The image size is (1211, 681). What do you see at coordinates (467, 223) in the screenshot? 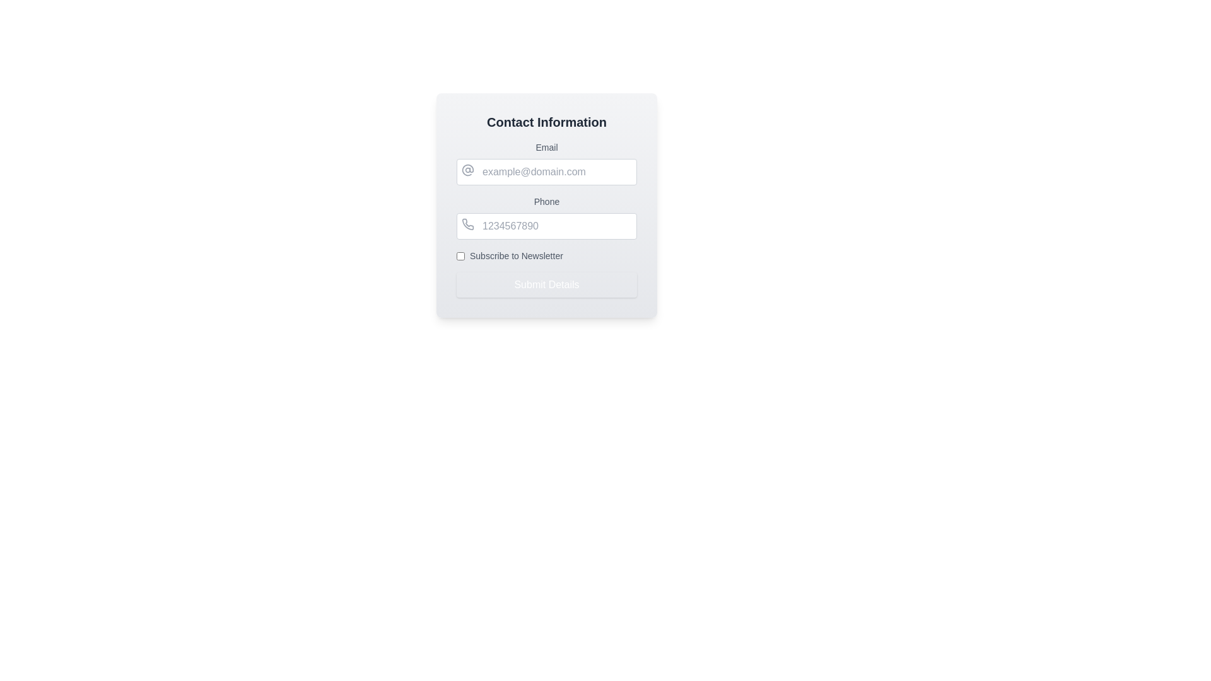
I see `the small, gray phone icon located at the top-left corner inside the phone number input field` at bounding box center [467, 223].